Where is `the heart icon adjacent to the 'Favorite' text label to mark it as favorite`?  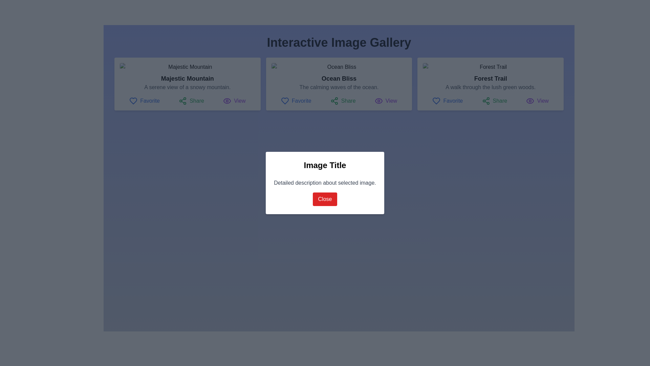 the heart icon adjacent to the 'Favorite' text label to mark it as favorite is located at coordinates (133, 101).